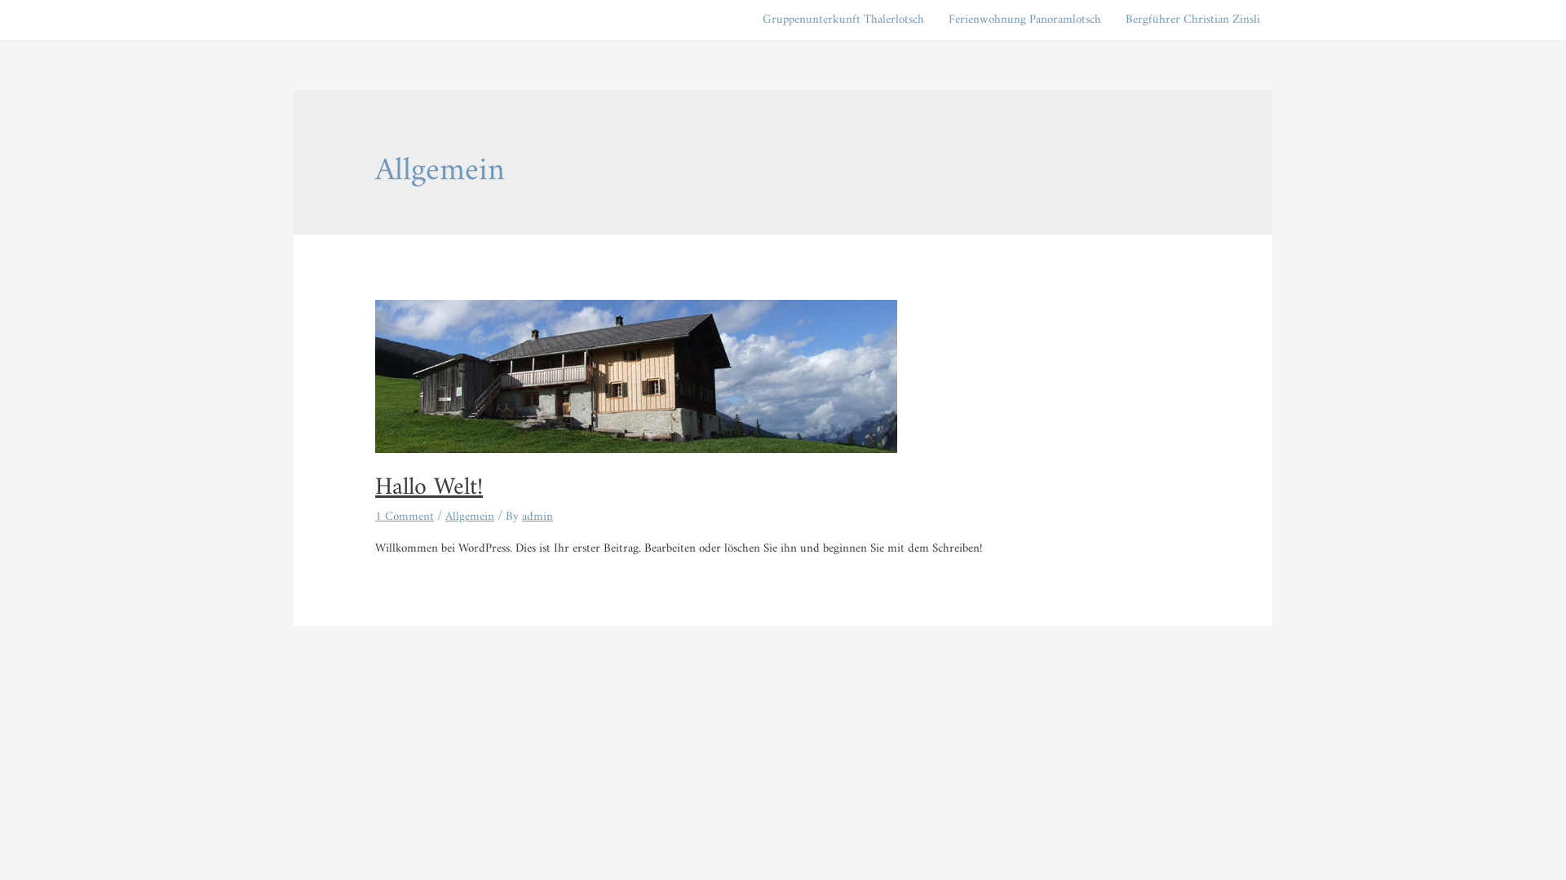 The image size is (1566, 880). Describe the element at coordinates (469, 517) in the screenshot. I see `'Allgemein'` at that location.